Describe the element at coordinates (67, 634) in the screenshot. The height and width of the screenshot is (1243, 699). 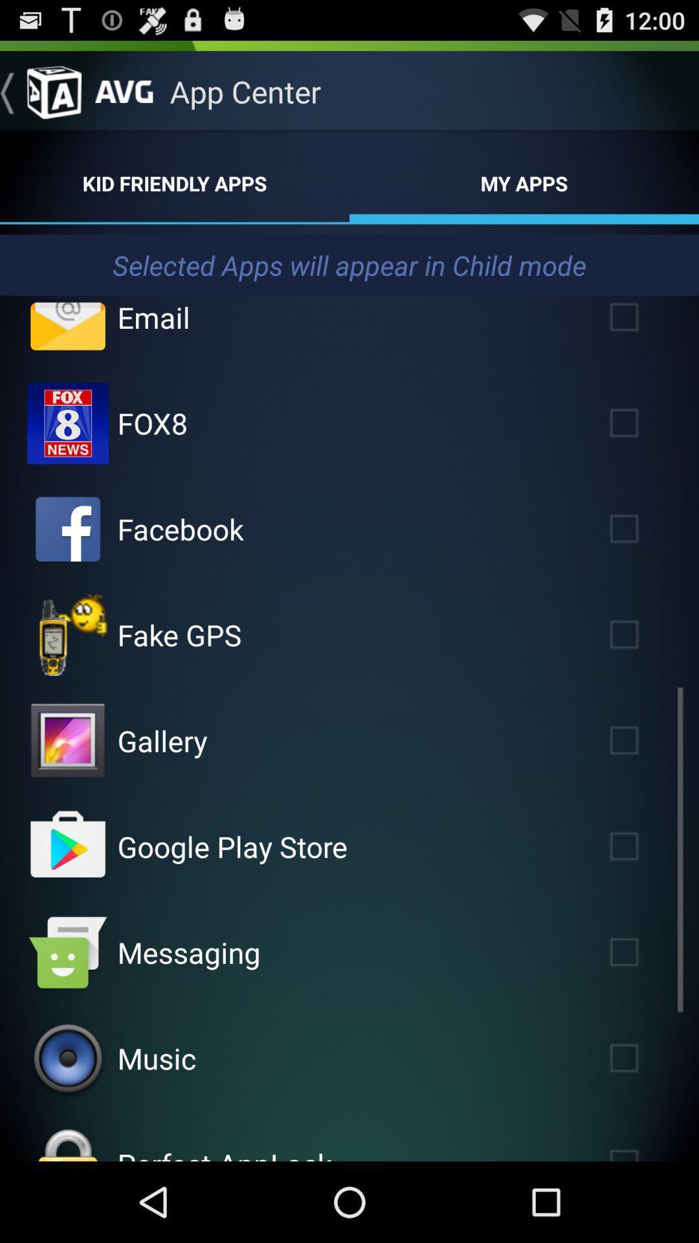
I see `app selection` at that location.